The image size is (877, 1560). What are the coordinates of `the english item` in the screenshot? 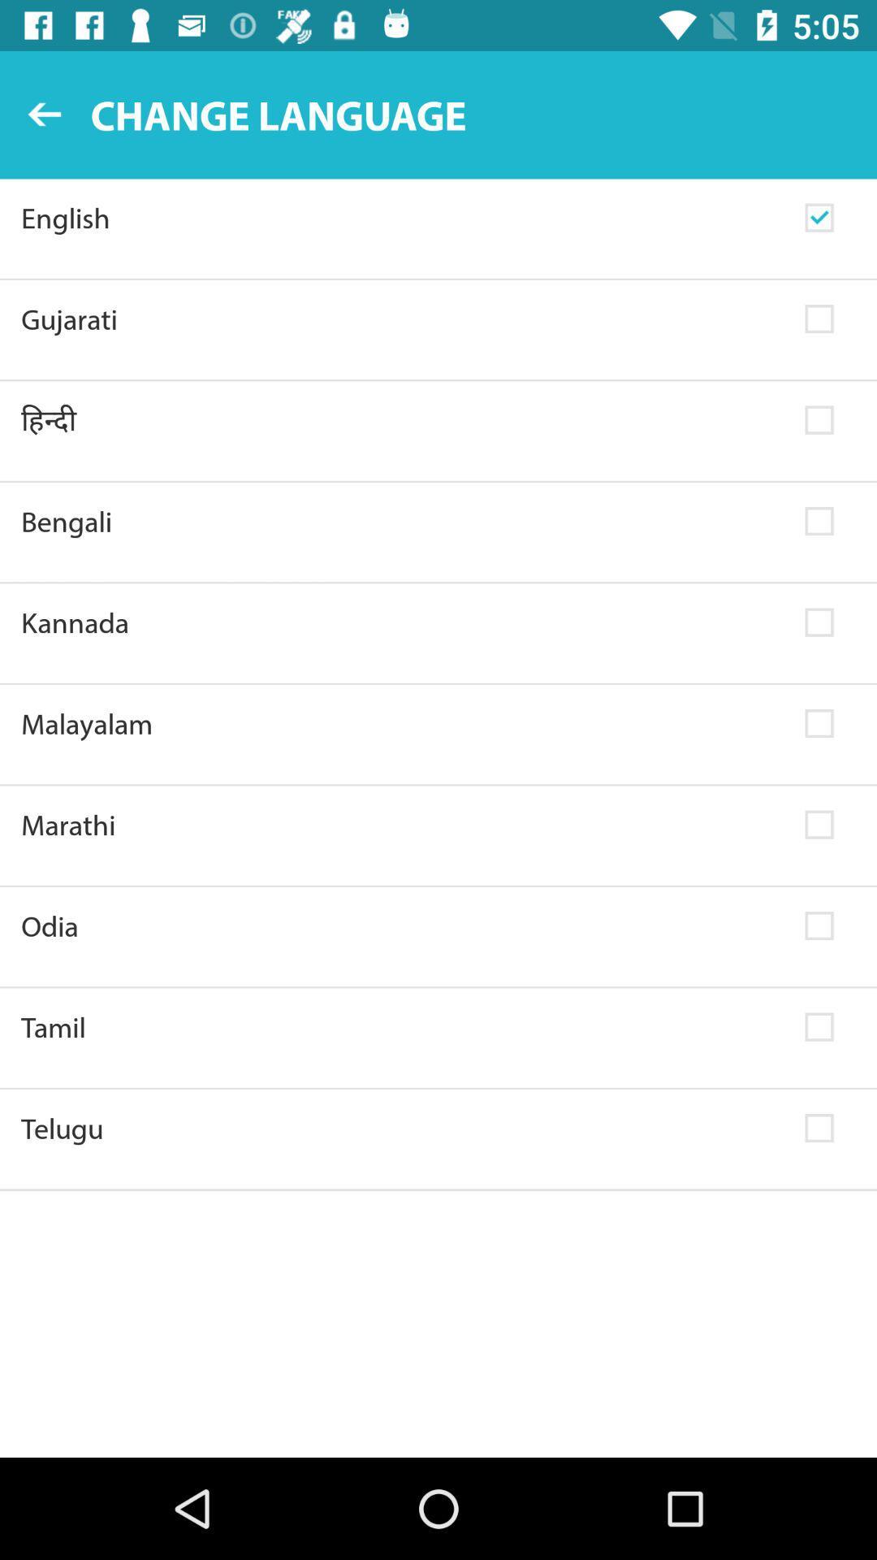 It's located at (402, 217).